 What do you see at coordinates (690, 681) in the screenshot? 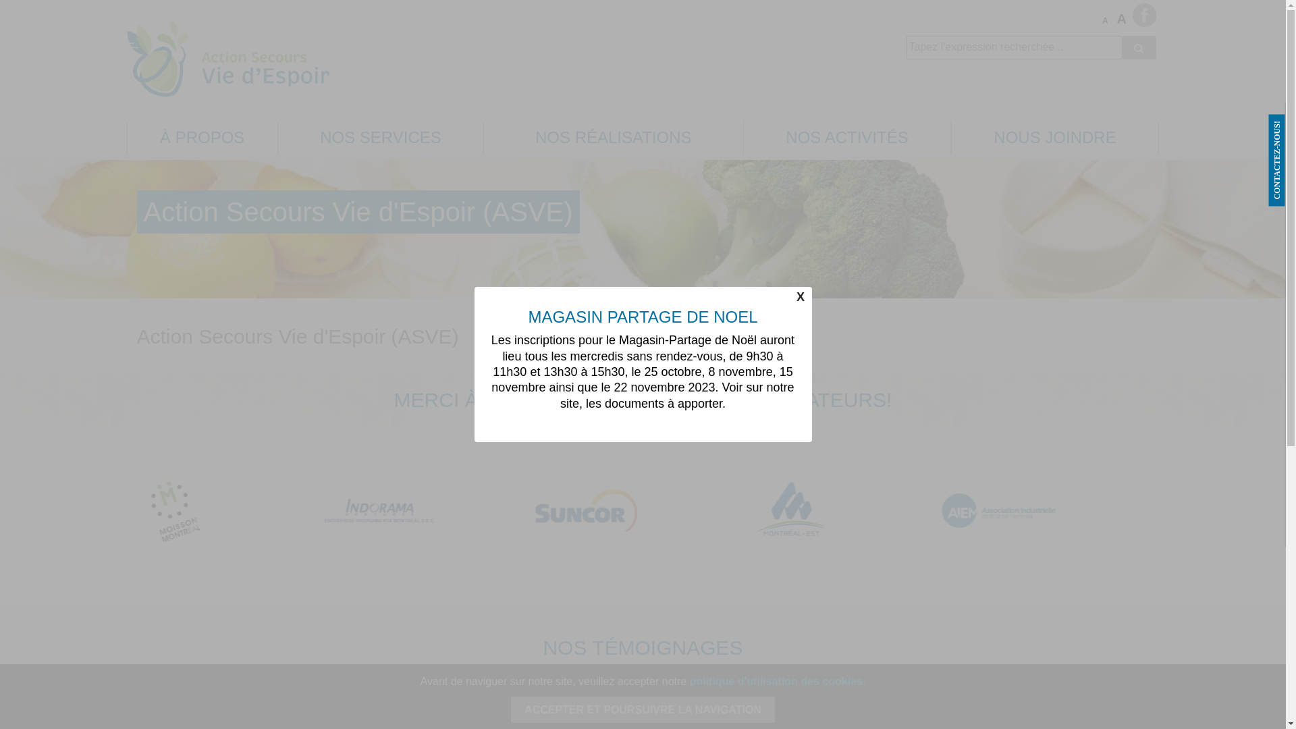
I see `'politique d'utilisation des cookies.'` at bounding box center [690, 681].